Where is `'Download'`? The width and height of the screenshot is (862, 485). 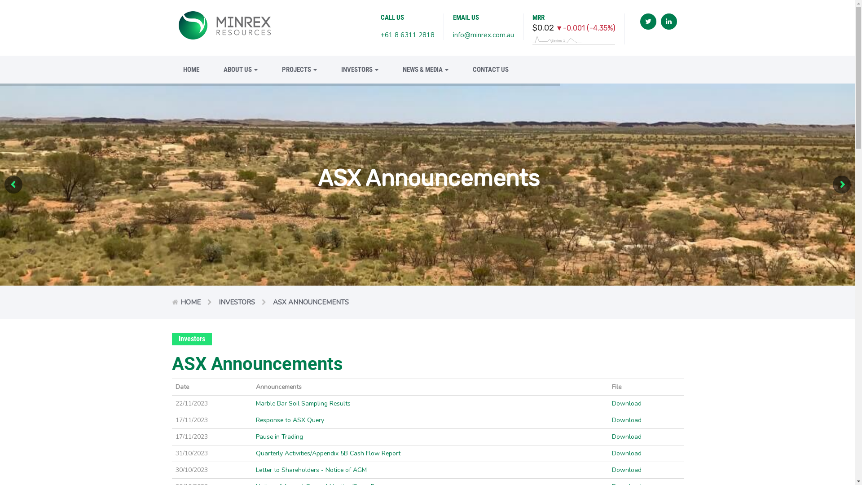
'Download' is located at coordinates (626, 403).